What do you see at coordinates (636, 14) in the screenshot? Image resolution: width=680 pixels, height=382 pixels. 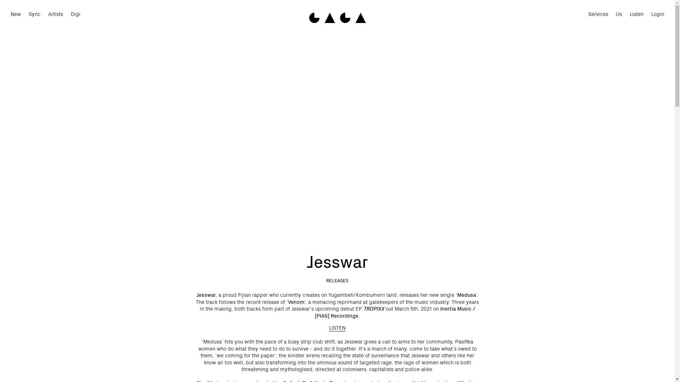 I see `'Listen'` at bounding box center [636, 14].